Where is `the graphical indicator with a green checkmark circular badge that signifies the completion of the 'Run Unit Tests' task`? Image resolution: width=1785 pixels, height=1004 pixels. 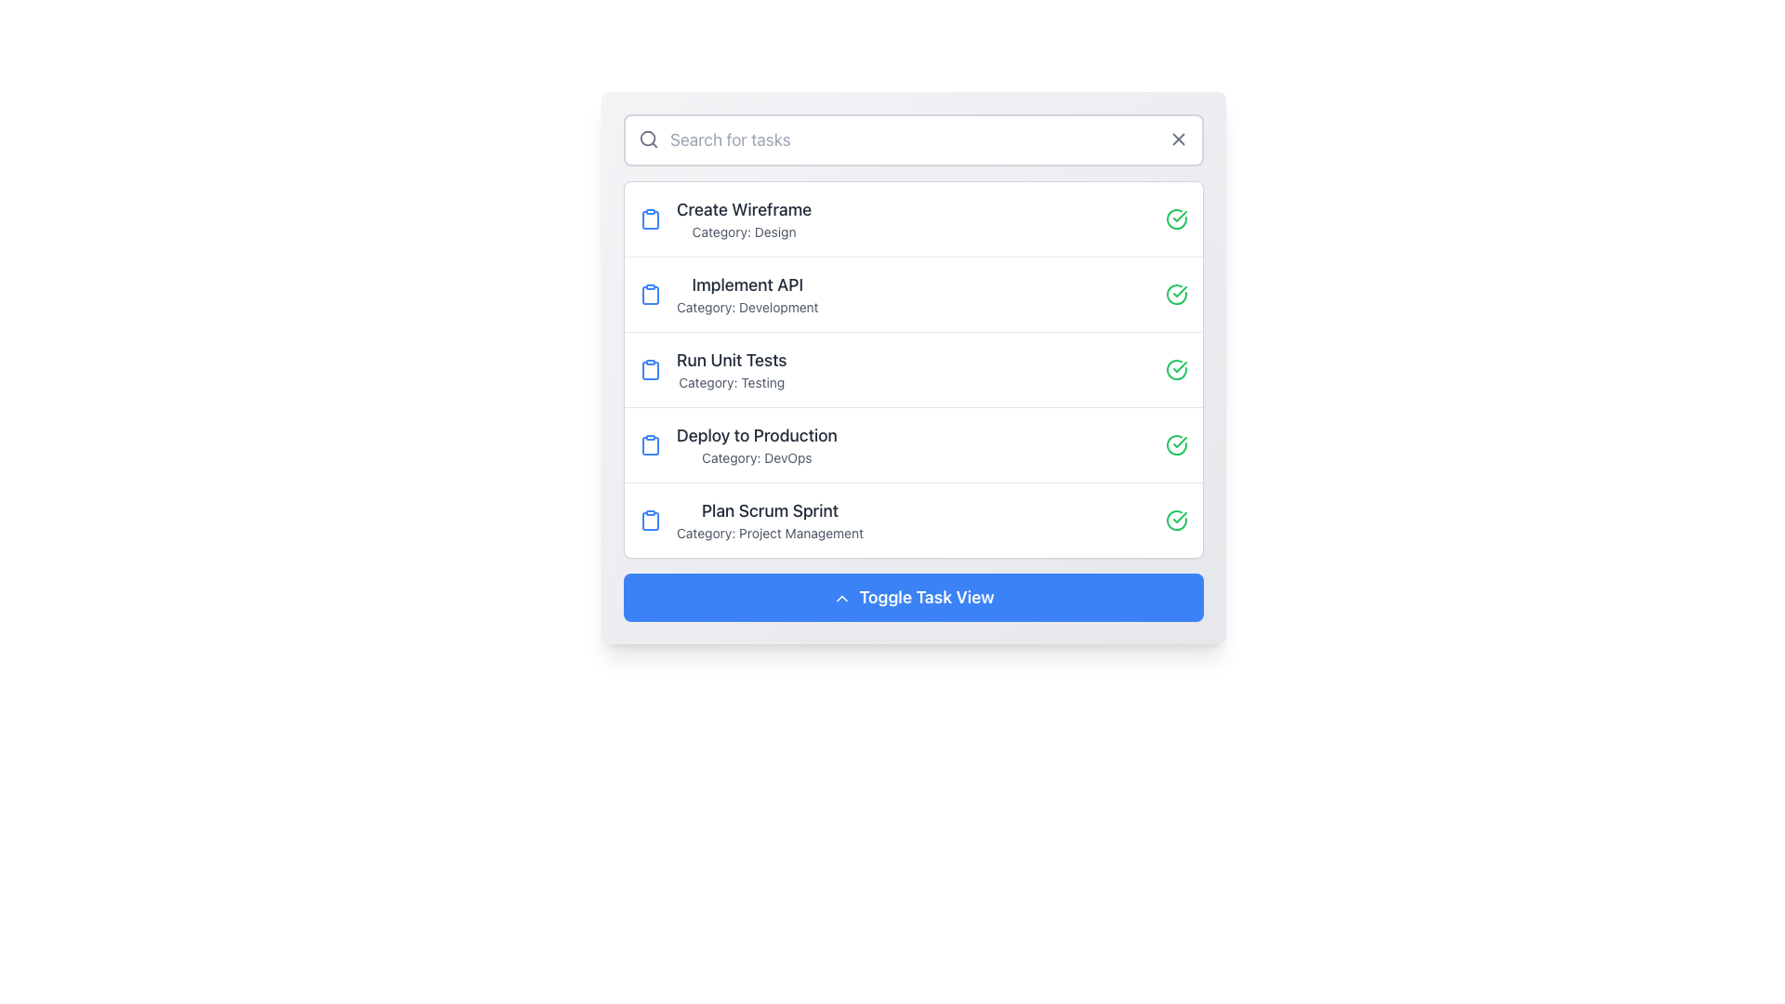 the graphical indicator with a green checkmark circular badge that signifies the completion of the 'Run Unit Tests' task is located at coordinates (1179, 366).